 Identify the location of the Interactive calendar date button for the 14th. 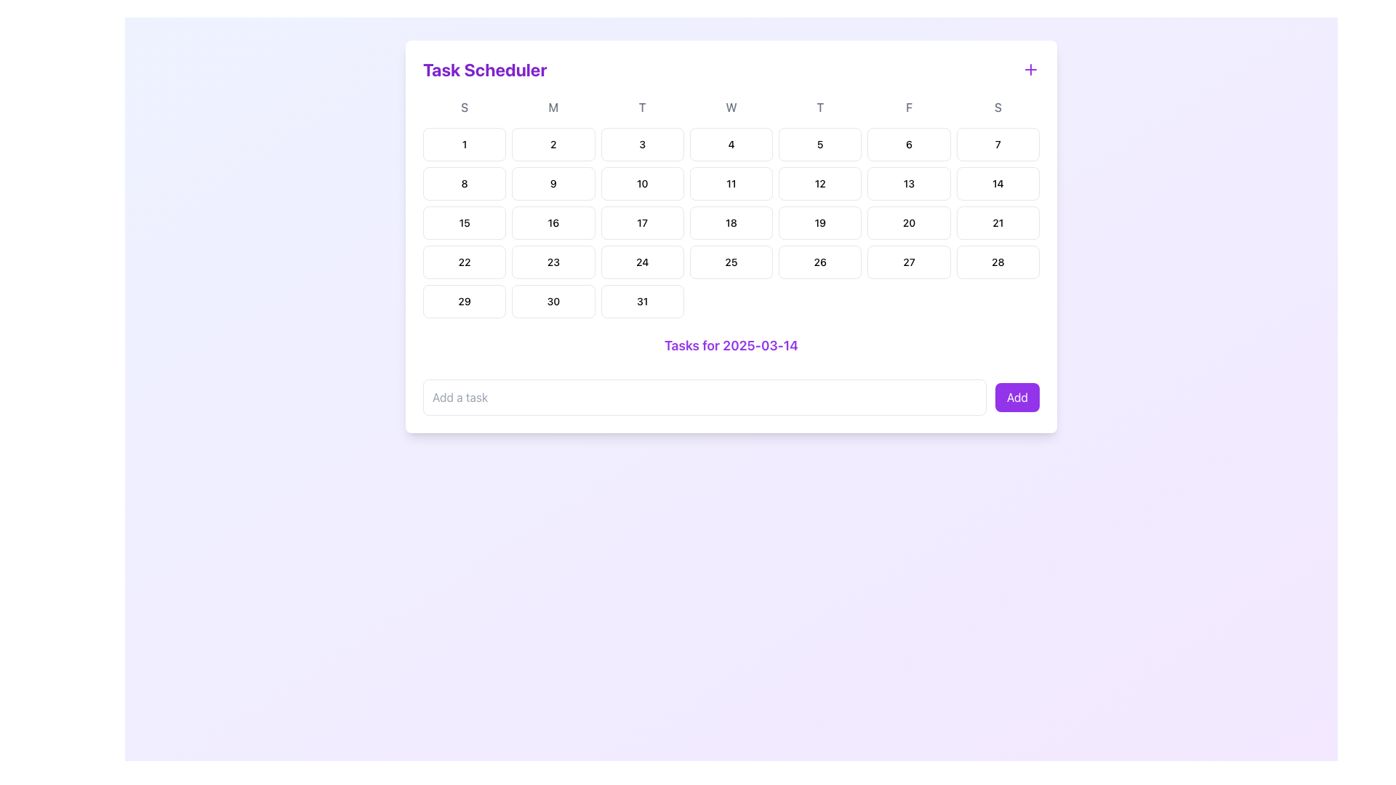
(997, 183).